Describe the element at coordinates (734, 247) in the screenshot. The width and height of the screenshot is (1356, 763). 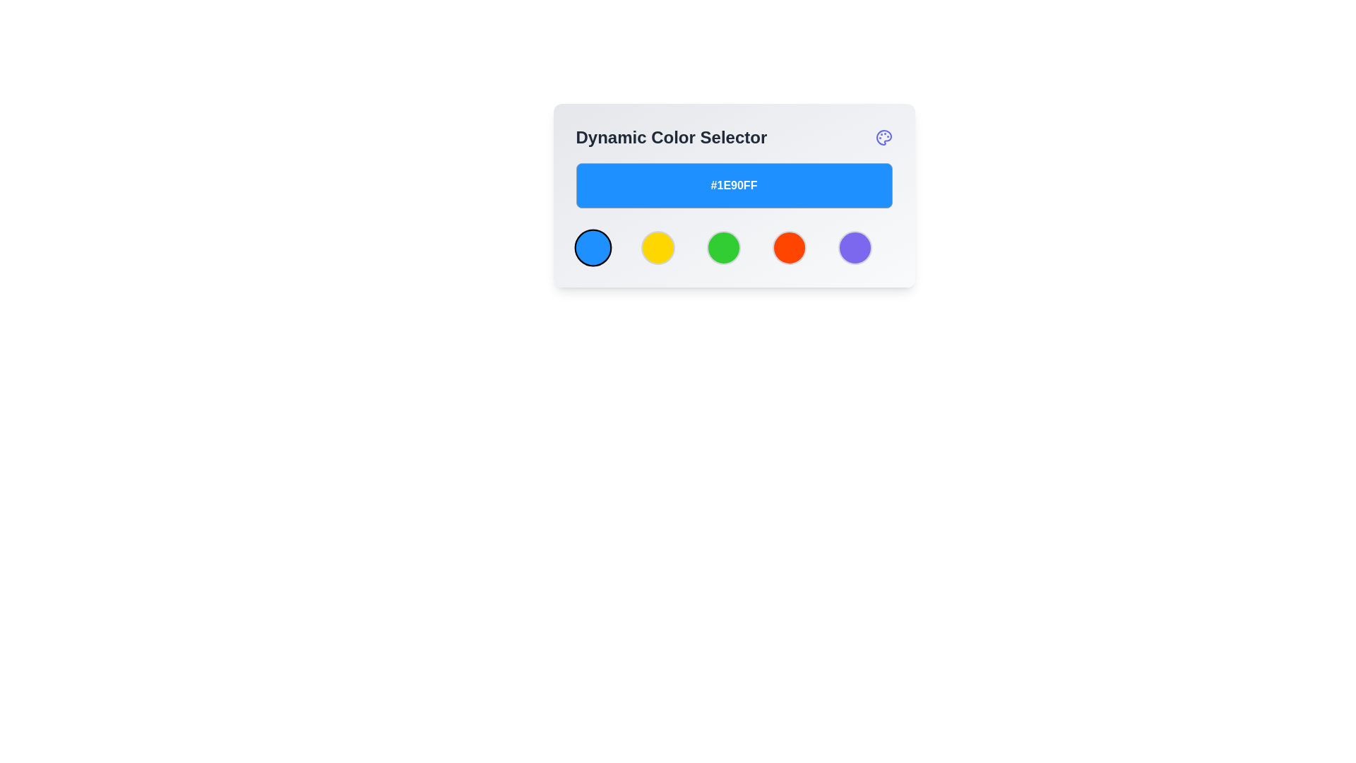
I see `the third circular button in a horizontal row of five, positioned below the blue rectangle labeled '#1E90FF'` at that location.